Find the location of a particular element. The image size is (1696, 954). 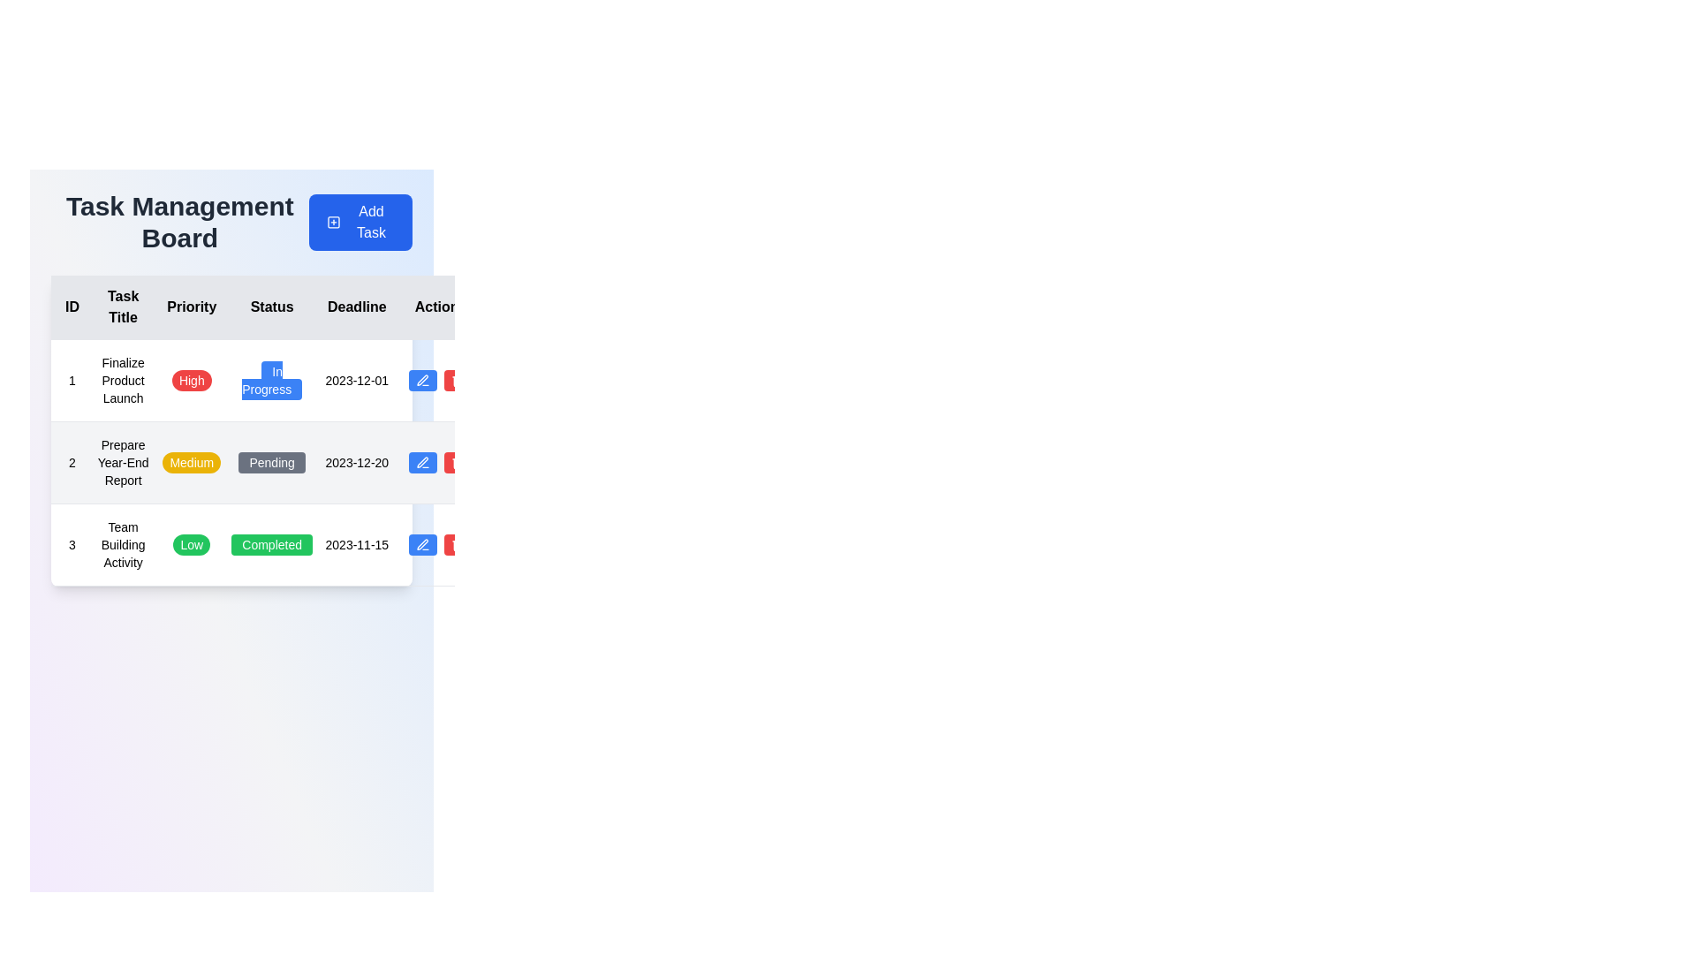

the badge with rounded corners, red background, and white text 'High' located in the 'Priority' column of the first row is located at coordinates (192, 380).